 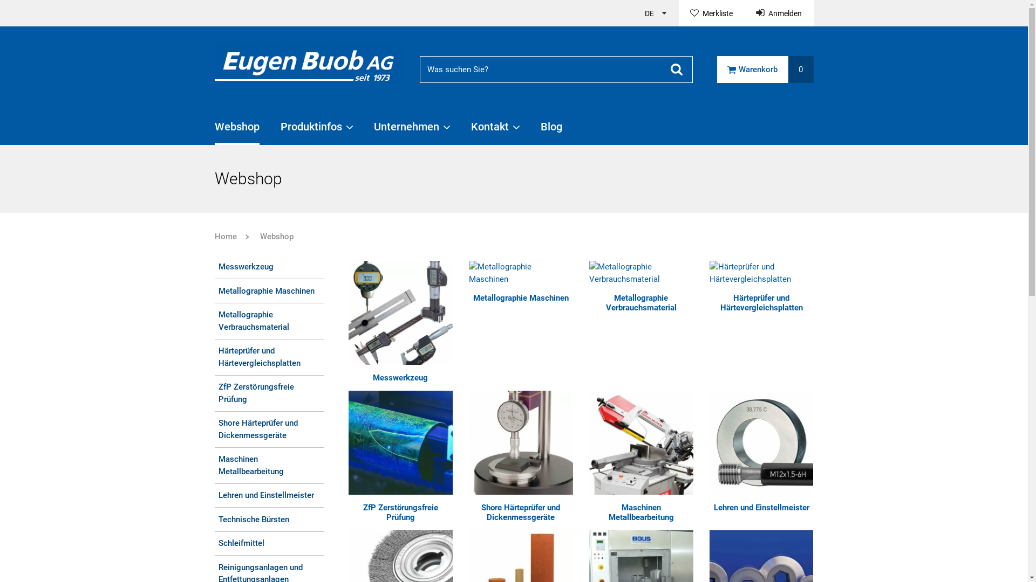 What do you see at coordinates (521, 272) in the screenshot?
I see `'Metallographie Maschinen'` at bounding box center [521, 272].